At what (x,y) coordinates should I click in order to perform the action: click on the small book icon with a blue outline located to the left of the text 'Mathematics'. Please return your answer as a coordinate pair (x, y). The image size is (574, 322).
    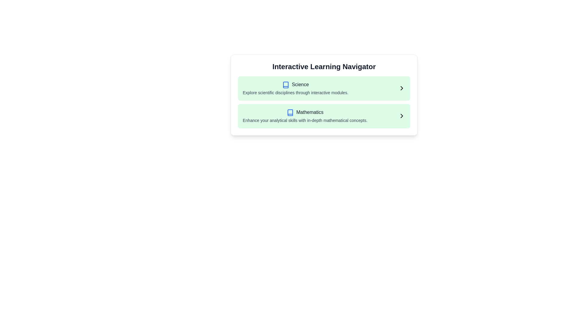
    Looking at the image, I should click on (290, 112).